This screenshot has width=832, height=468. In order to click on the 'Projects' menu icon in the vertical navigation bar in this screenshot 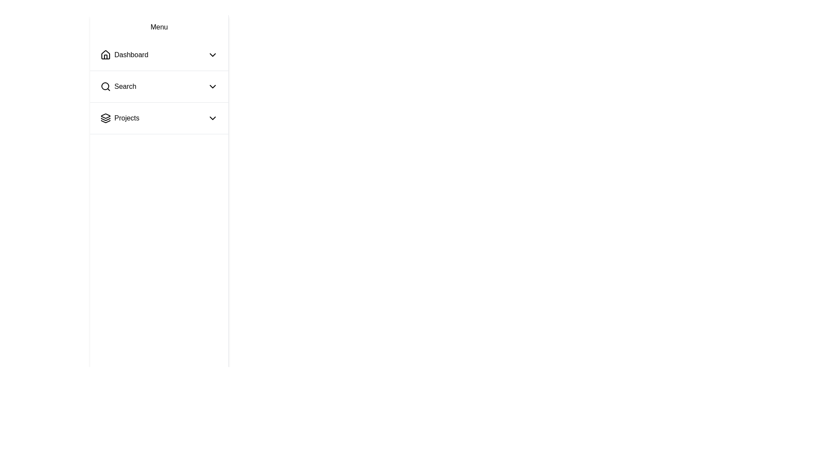, I will do `click(105, 118)`.